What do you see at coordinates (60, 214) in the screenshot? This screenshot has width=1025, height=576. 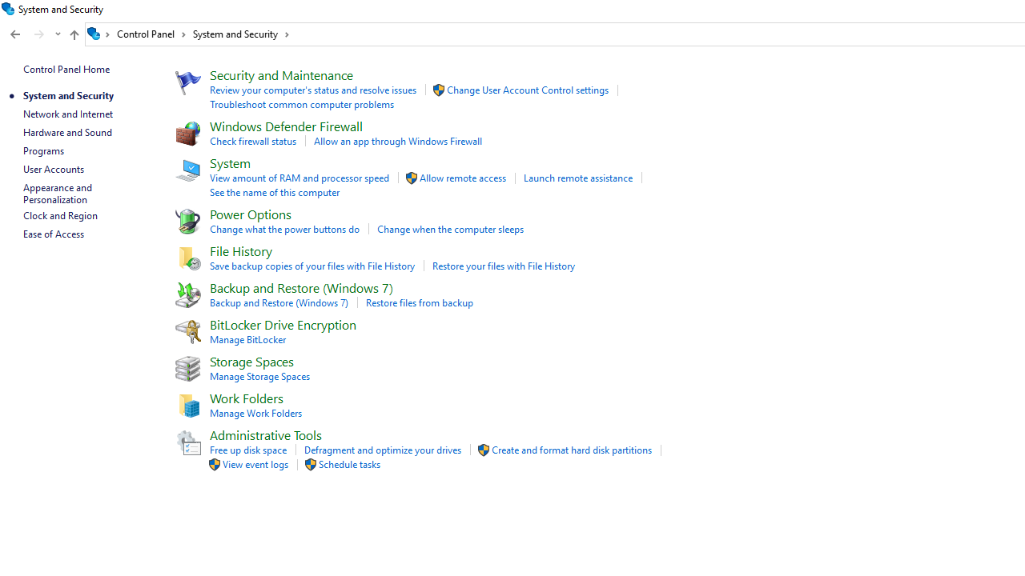 I see `'Clock and Region'` at bounding box center [60, 214].